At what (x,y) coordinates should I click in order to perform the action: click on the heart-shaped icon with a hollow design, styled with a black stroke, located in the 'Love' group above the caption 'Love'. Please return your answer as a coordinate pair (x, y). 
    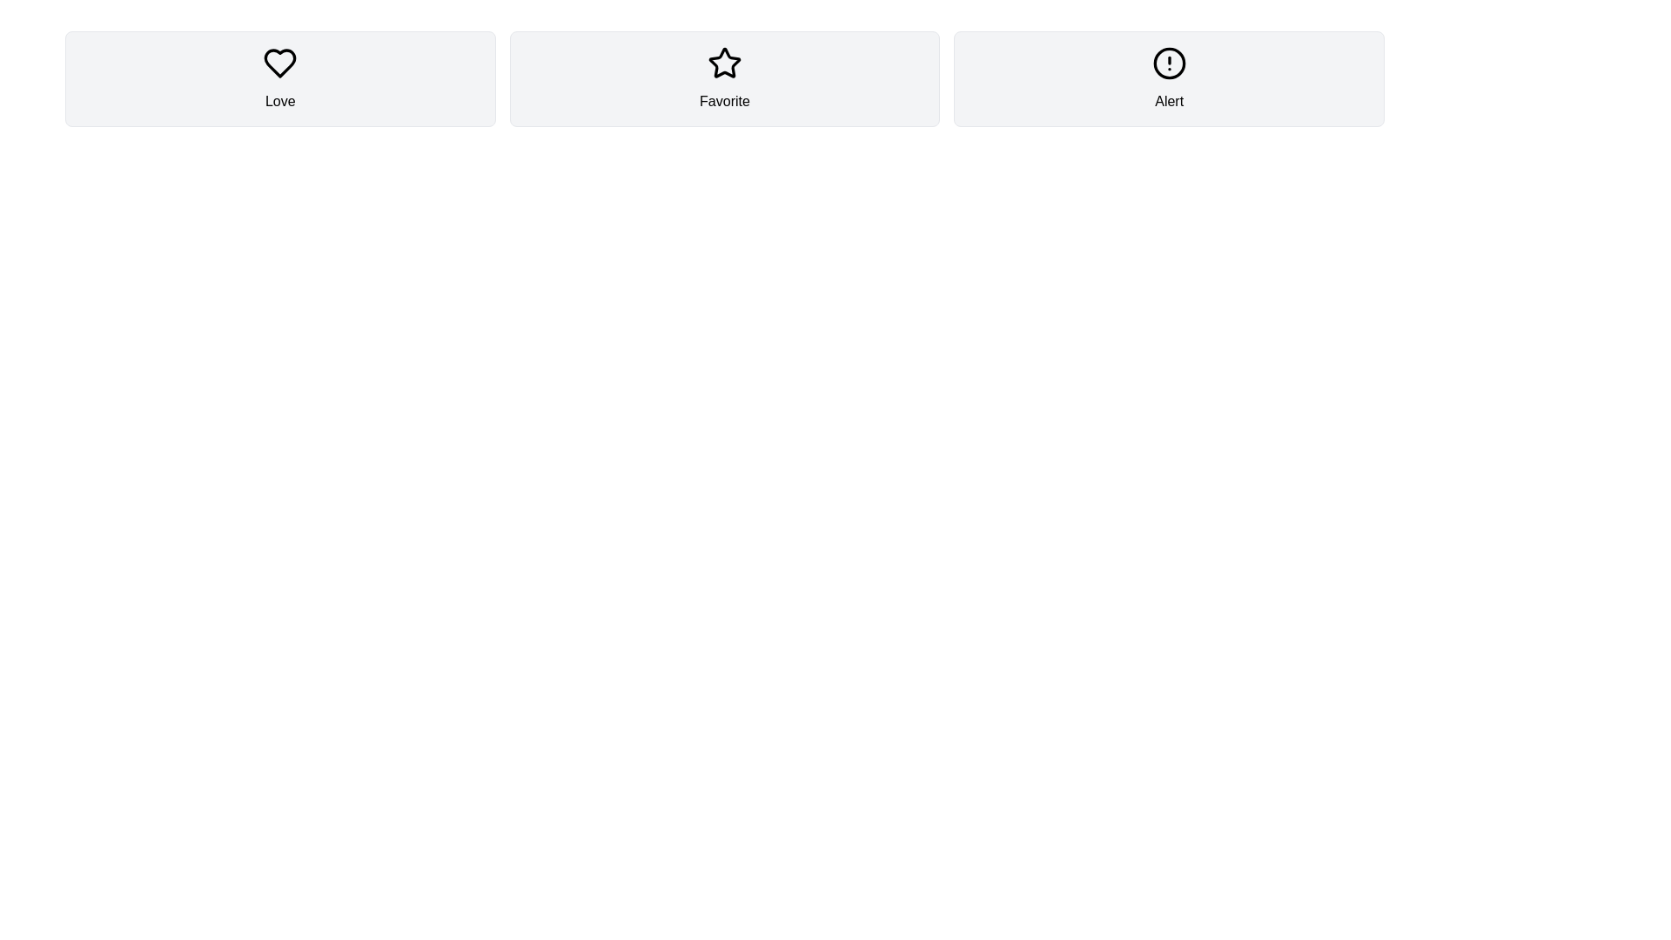
    Looking at the image, I should click on (279, 63).